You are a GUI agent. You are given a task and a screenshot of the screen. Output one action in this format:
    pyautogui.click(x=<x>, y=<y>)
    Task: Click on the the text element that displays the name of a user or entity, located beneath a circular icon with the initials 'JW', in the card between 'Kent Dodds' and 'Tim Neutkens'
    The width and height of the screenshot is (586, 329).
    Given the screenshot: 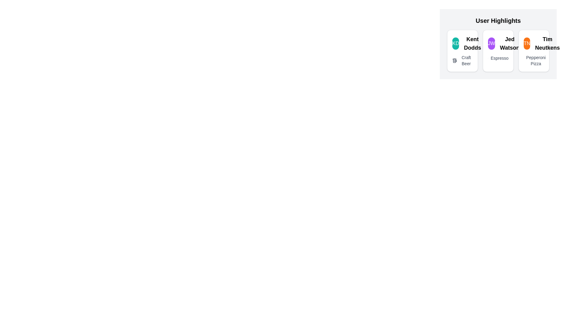 What is the action you would take?
    pyautogui.click(x=510, y=43)
    